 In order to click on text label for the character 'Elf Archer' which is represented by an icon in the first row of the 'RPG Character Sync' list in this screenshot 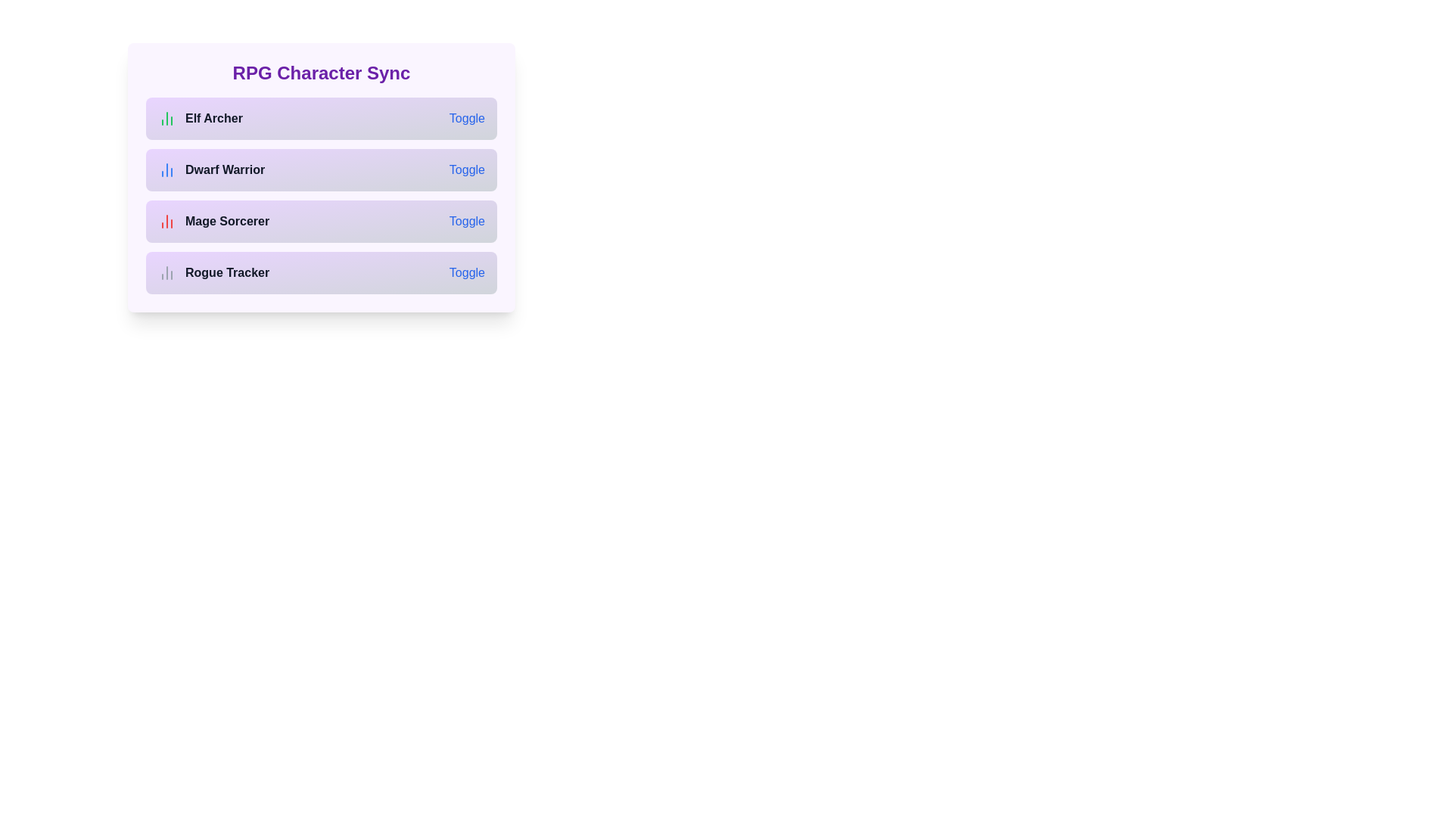, I will do `click(199, 118)`.